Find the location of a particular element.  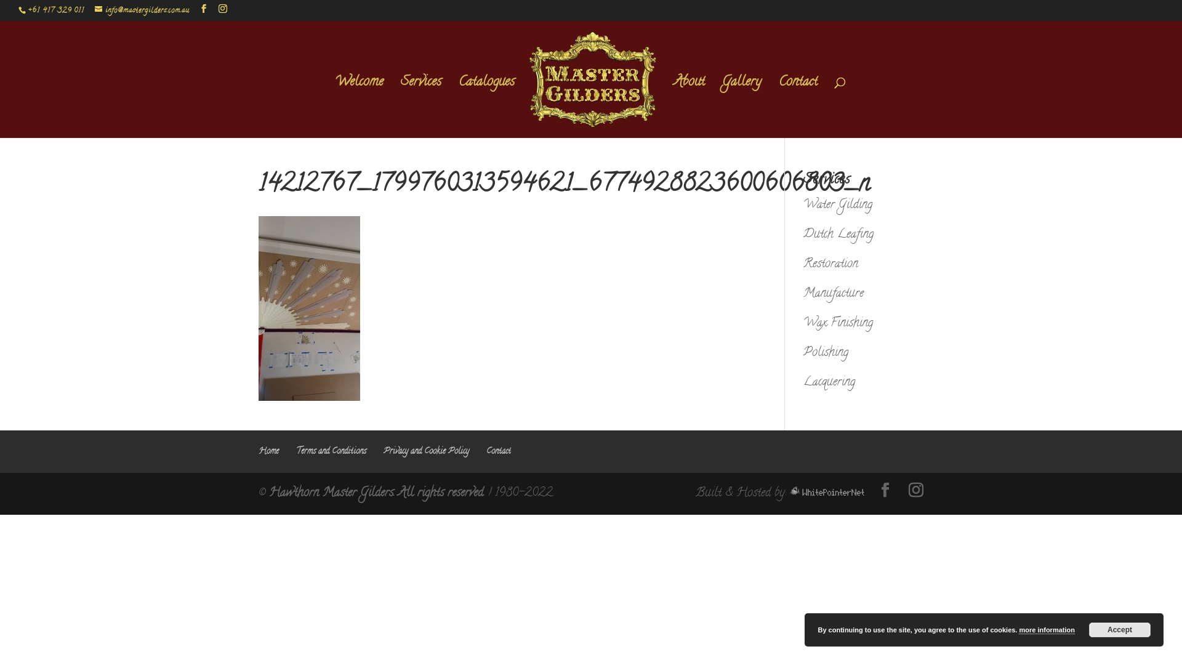

'Contact' is located at coordinates (499, 451).